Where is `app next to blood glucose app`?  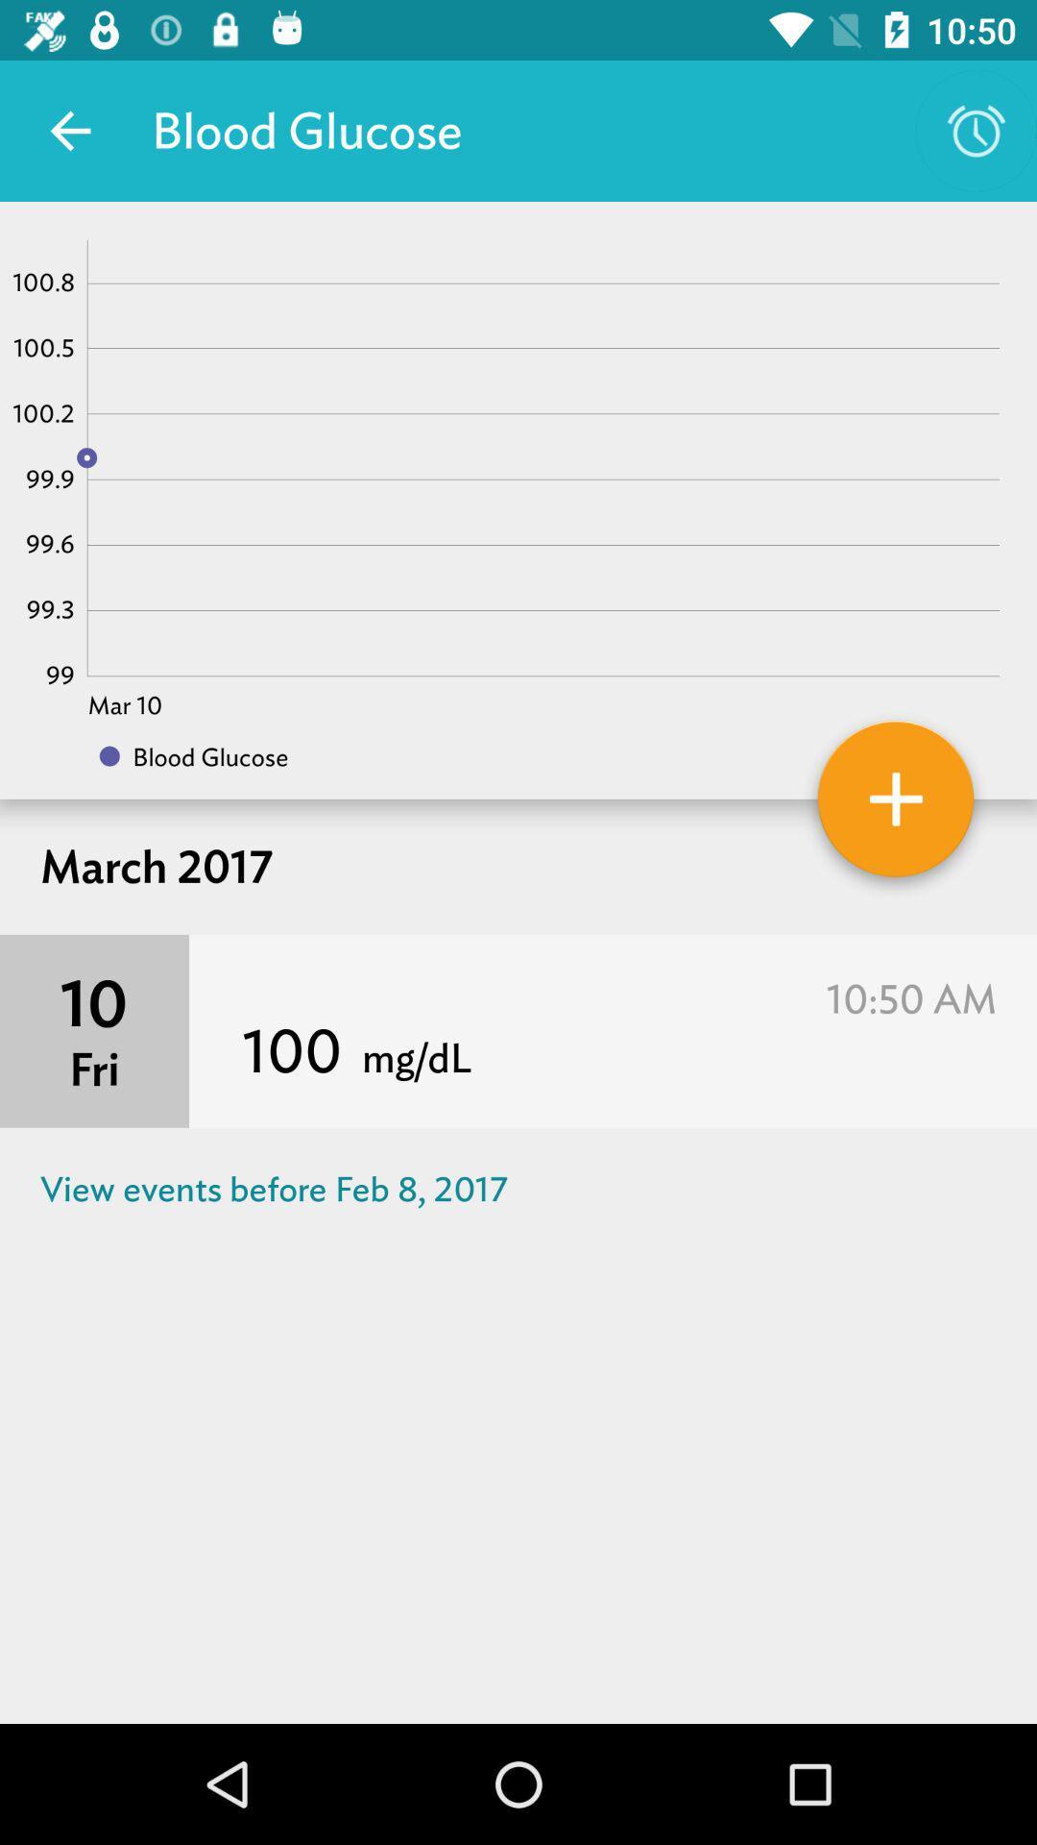 app next to blood glucose app is located at coordinates (977, 130).